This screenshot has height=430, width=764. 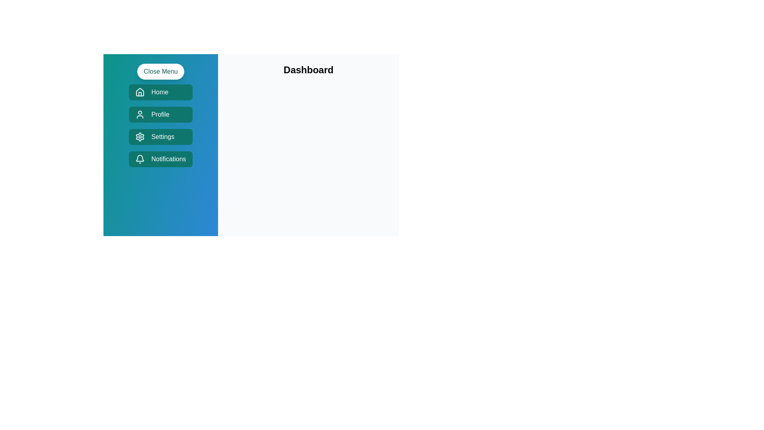 What do you see at coordinates (160, 115) in the screenshot?
I see `the 'Profile' text label, which is styled with white text on a dark green background and is part of a vertical menu positioned between the 'Home' and 'Settings' buttons` at bounding box center [160, 115].